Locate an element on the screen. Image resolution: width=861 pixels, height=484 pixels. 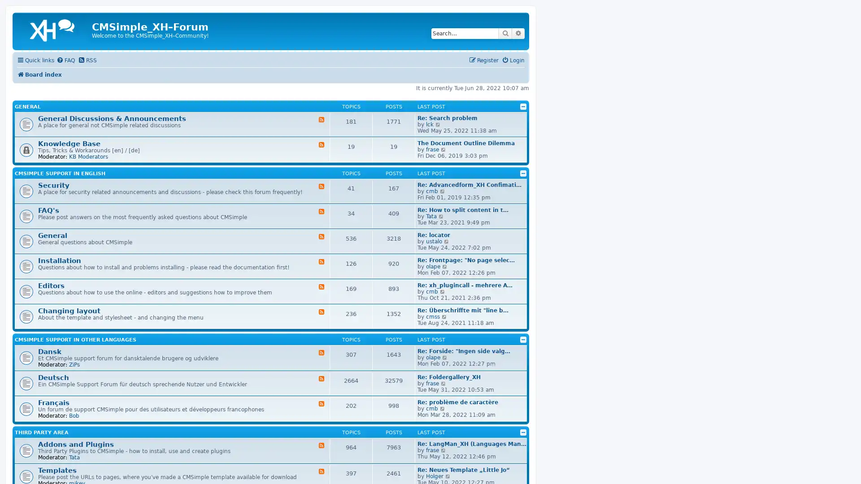
Search is located at coordinates (505, 33).